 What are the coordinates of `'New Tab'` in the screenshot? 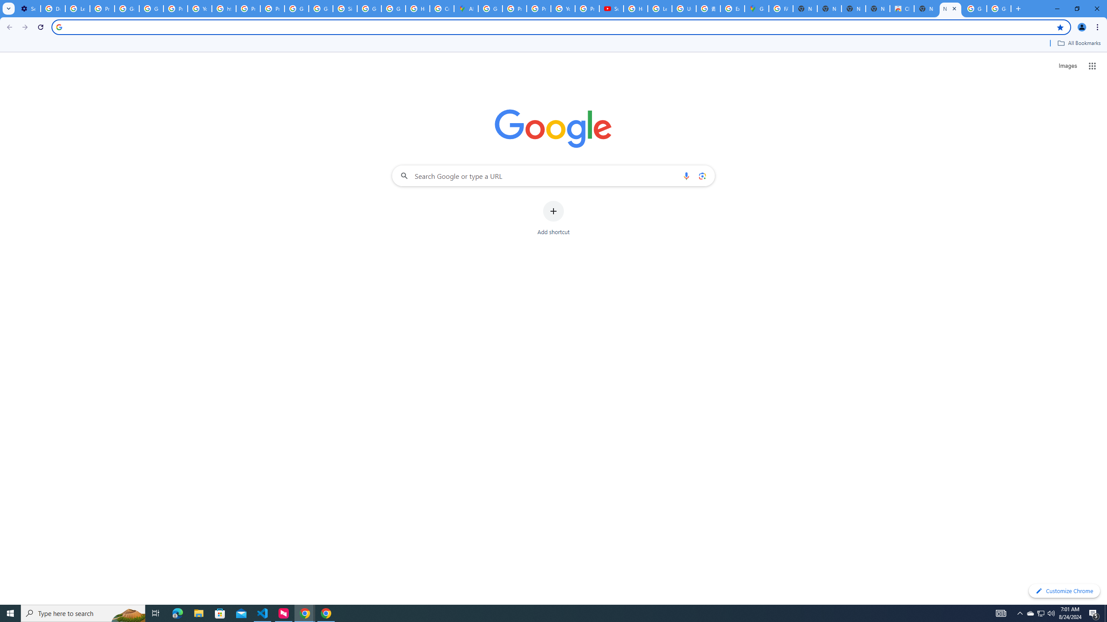 It's located at (950, 8).